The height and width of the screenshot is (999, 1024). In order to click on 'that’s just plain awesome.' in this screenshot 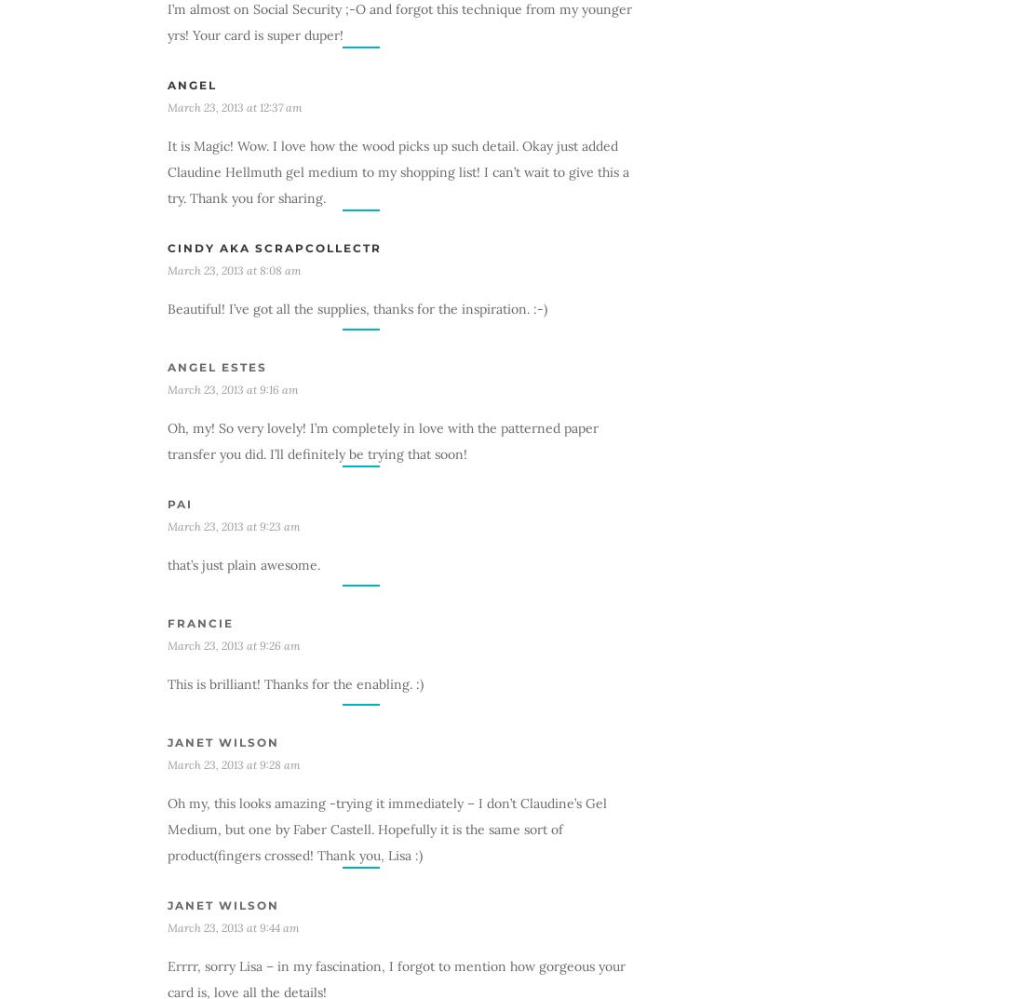, I will do `click(244, 563)`.